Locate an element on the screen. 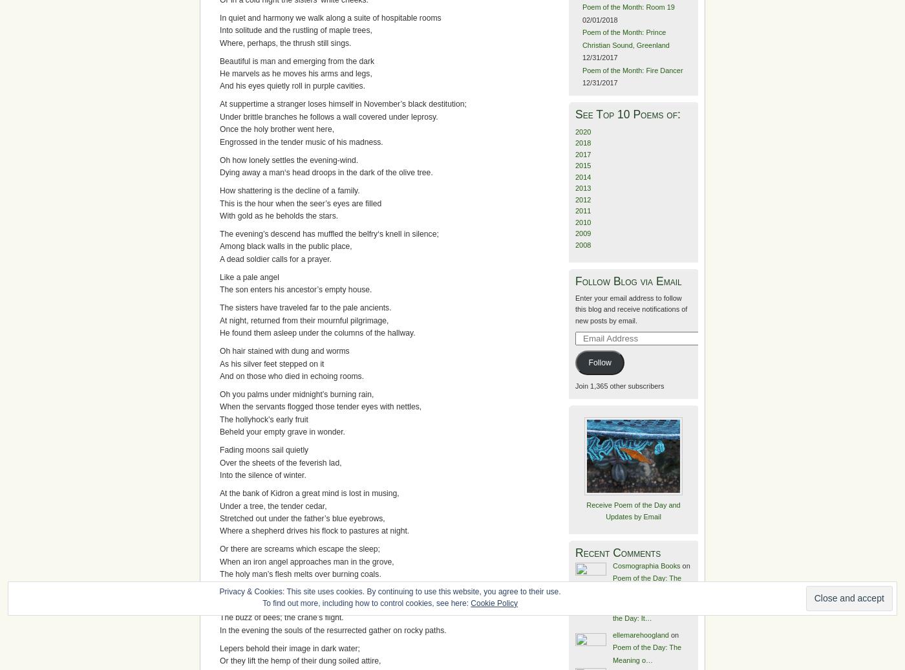 This screenshot has width=905, height=670. '2014' is located at coordinates (582, 176).